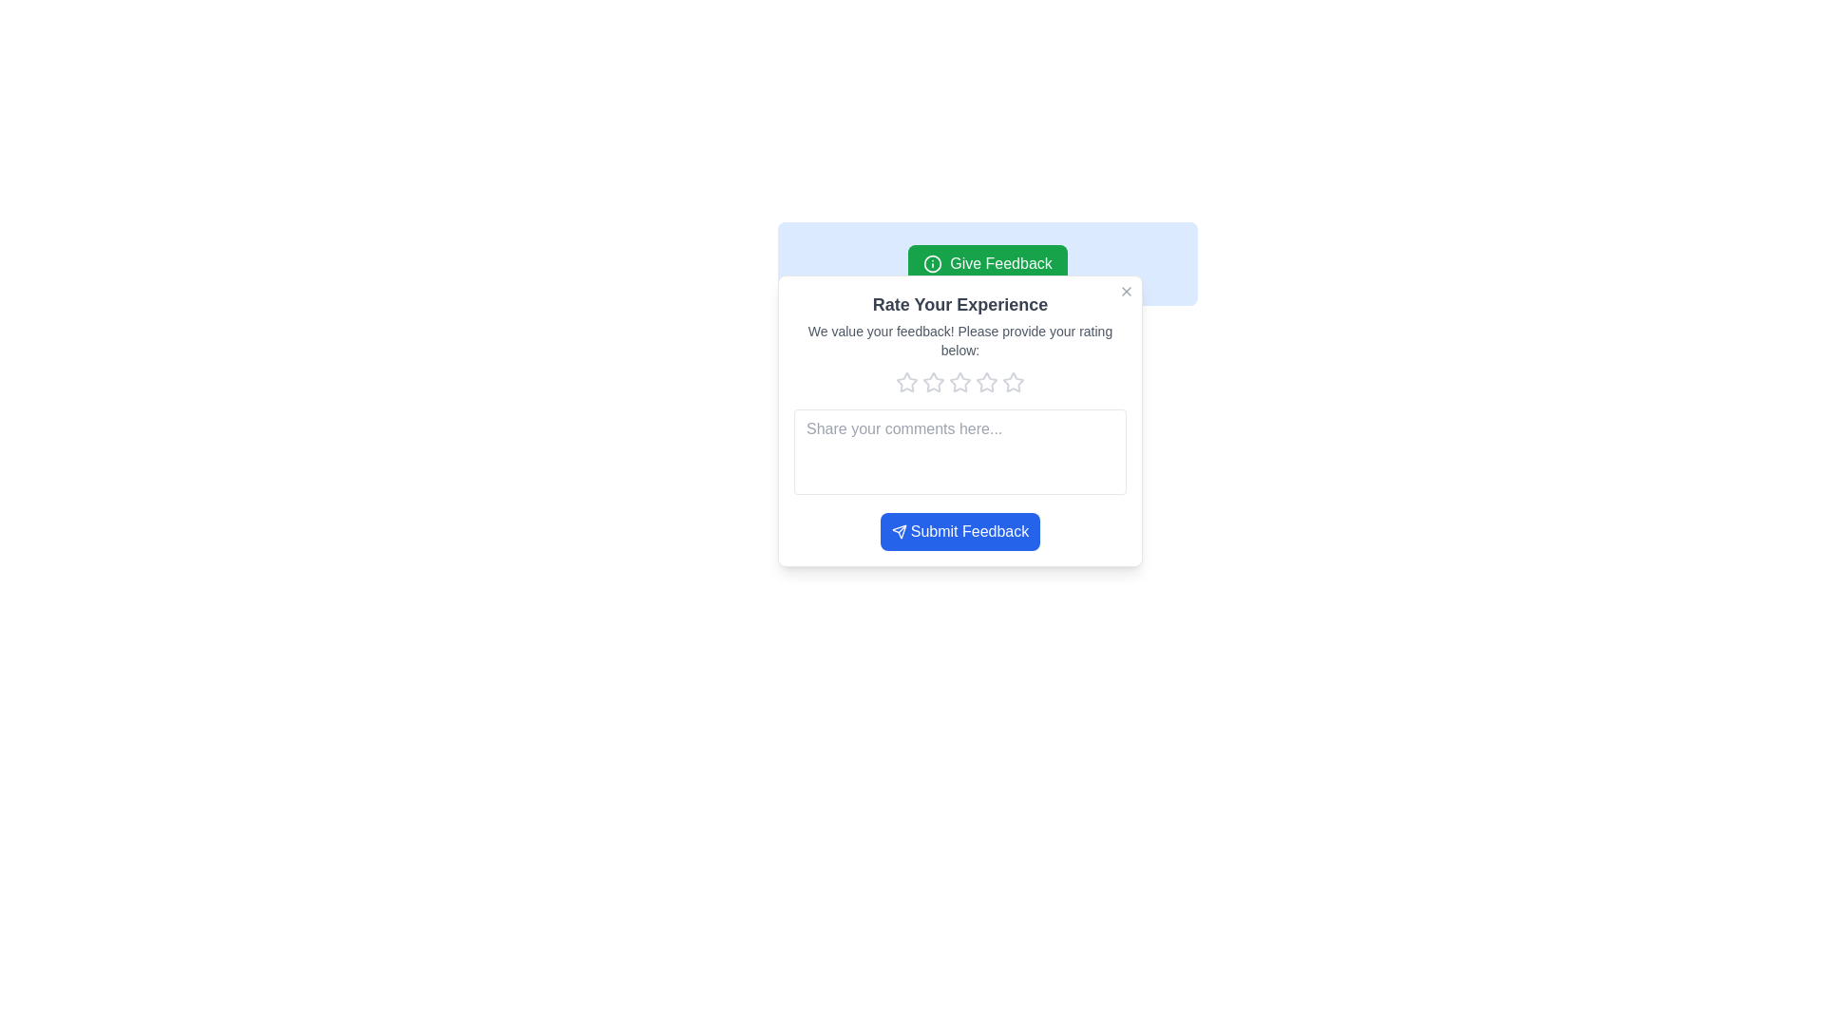 This screenshot has width=1824, height=1026. I want to click on the paper plane icon located to the left of the 'Submit Feedback' text, which is styled with a rounded and outlined design in a uniform, off-white color, so click(898, 531).